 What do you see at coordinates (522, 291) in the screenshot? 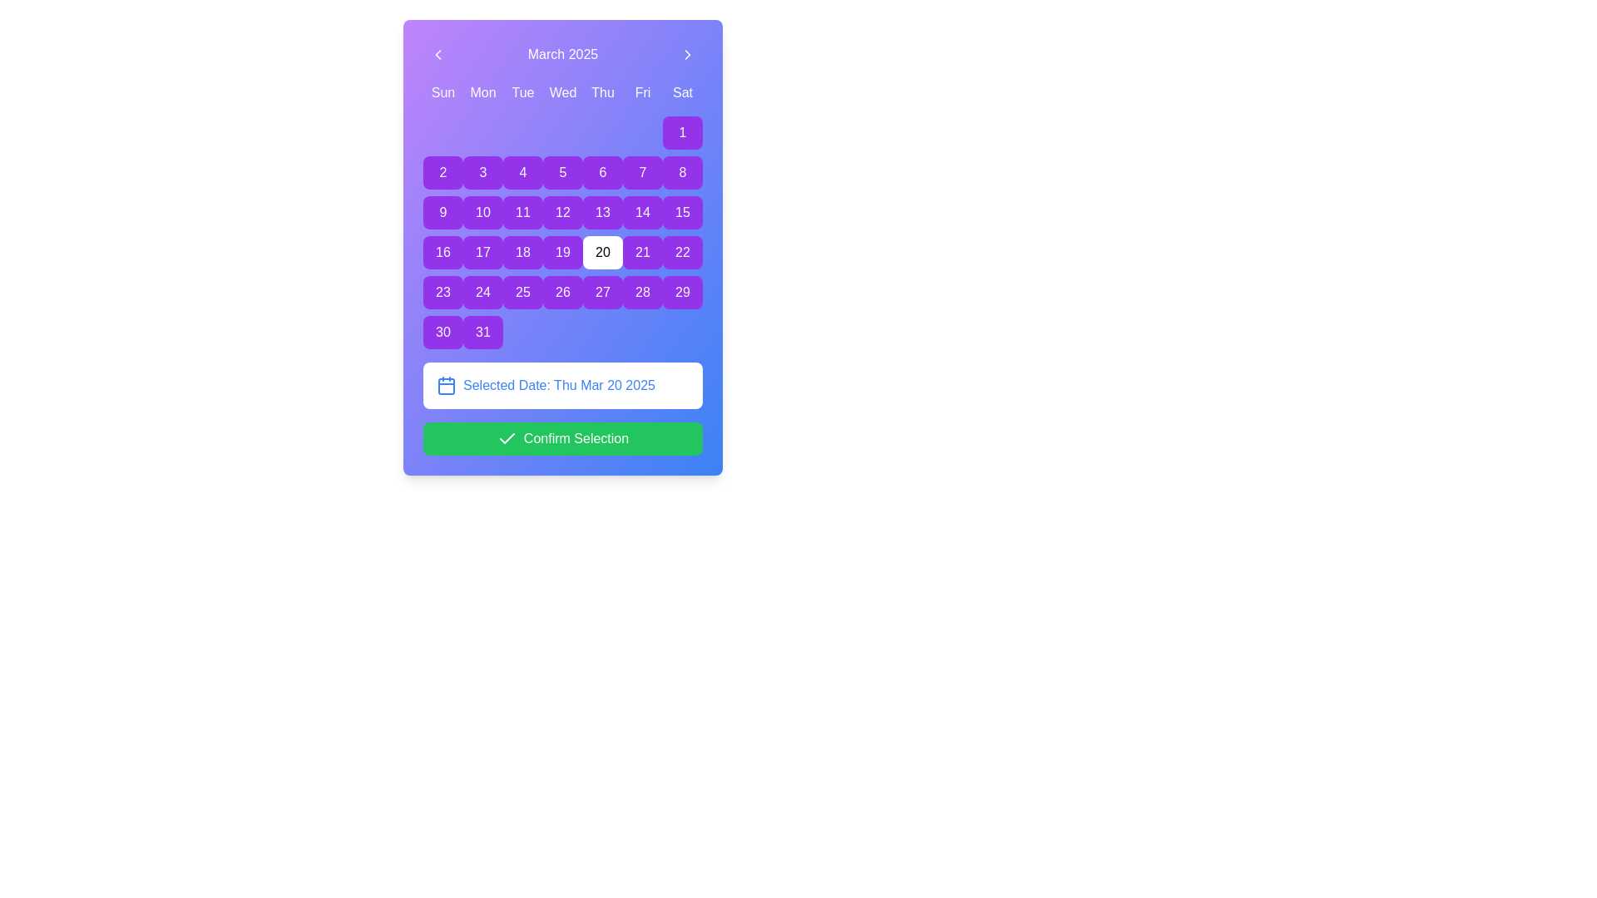
I see `the rounded rectangular button with a purple background displaying '25' to observe its hover effect` at bounding box center [522, 291].